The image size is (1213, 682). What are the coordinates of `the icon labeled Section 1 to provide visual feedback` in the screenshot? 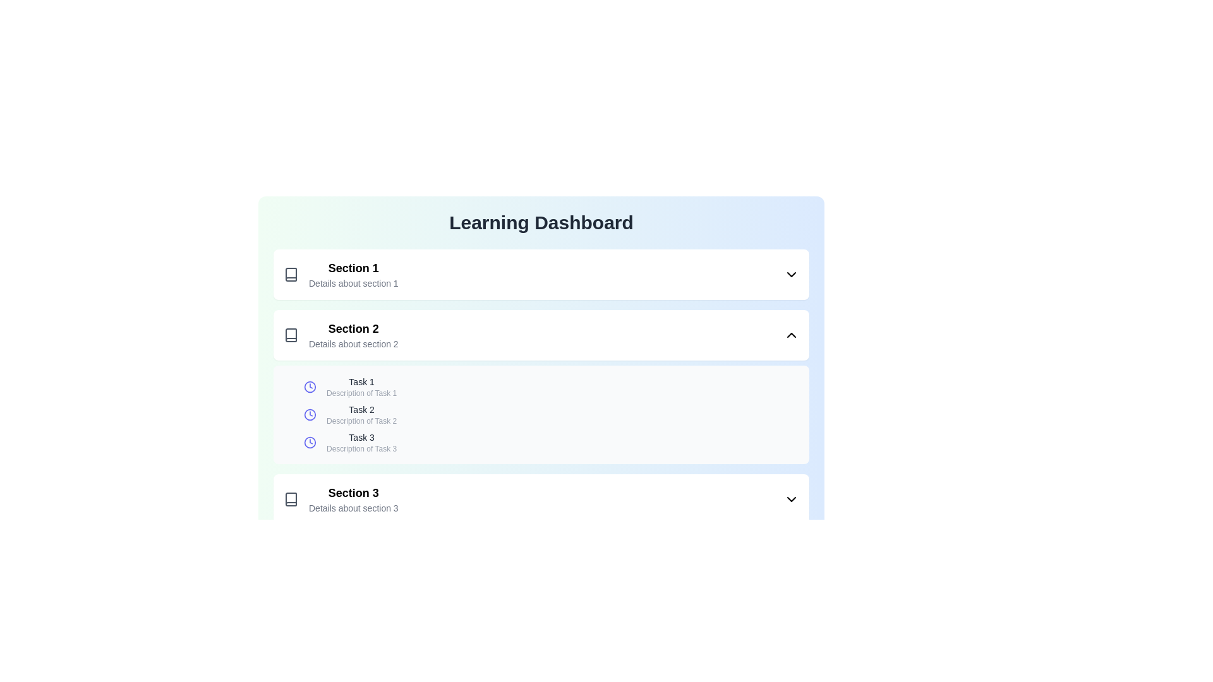 It's located at (290, 274).